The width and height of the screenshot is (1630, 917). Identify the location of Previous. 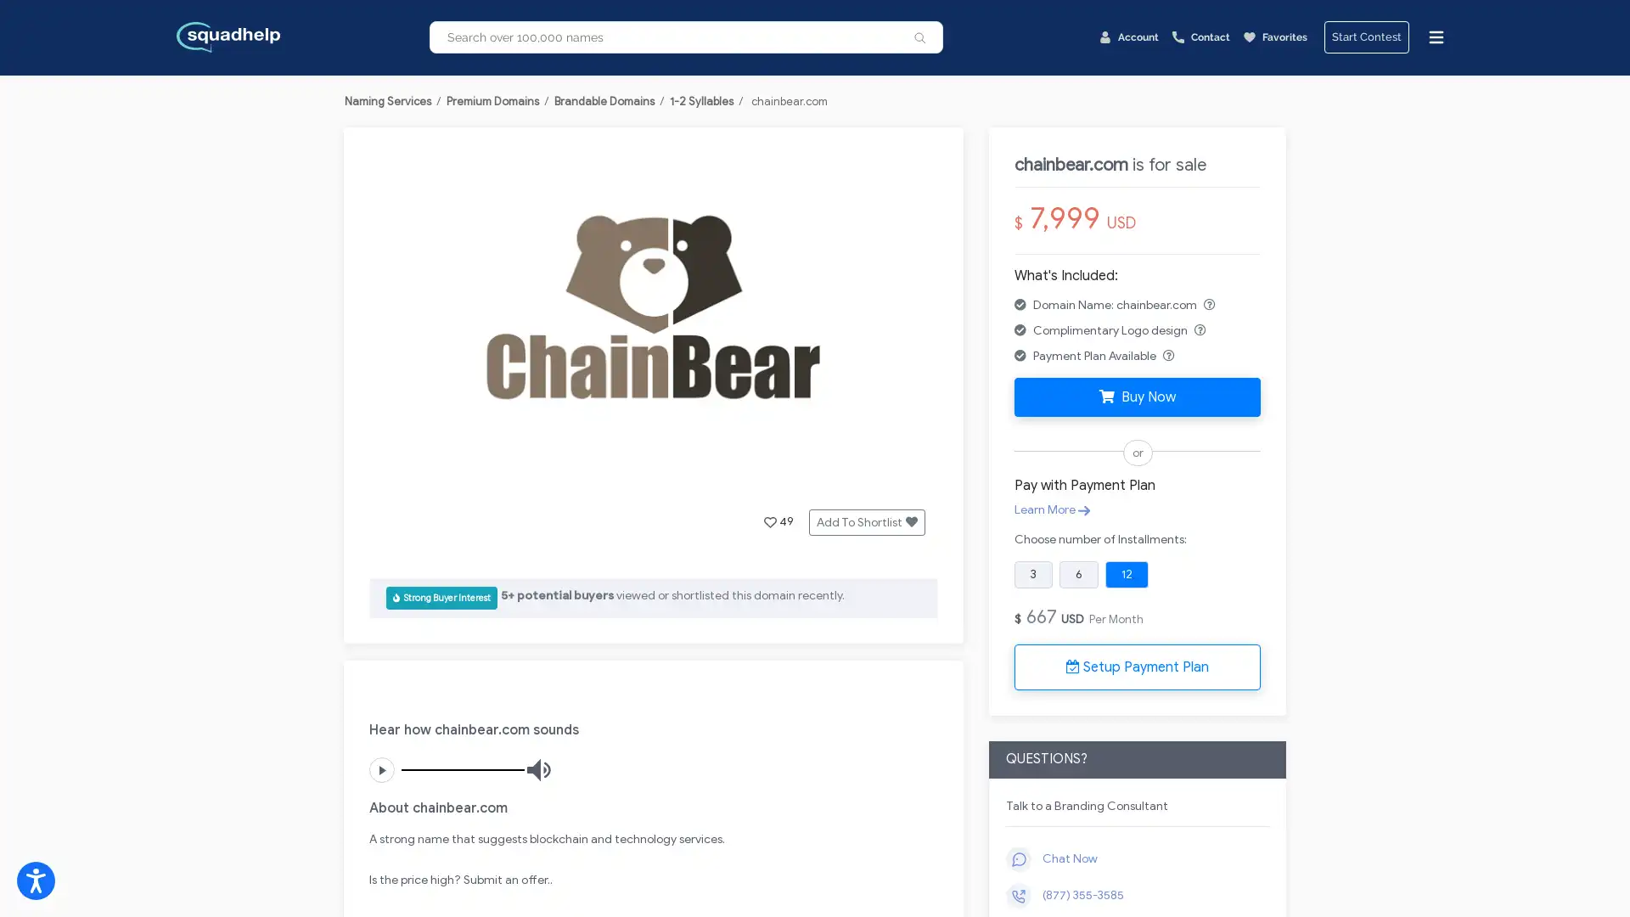
(411, 321).